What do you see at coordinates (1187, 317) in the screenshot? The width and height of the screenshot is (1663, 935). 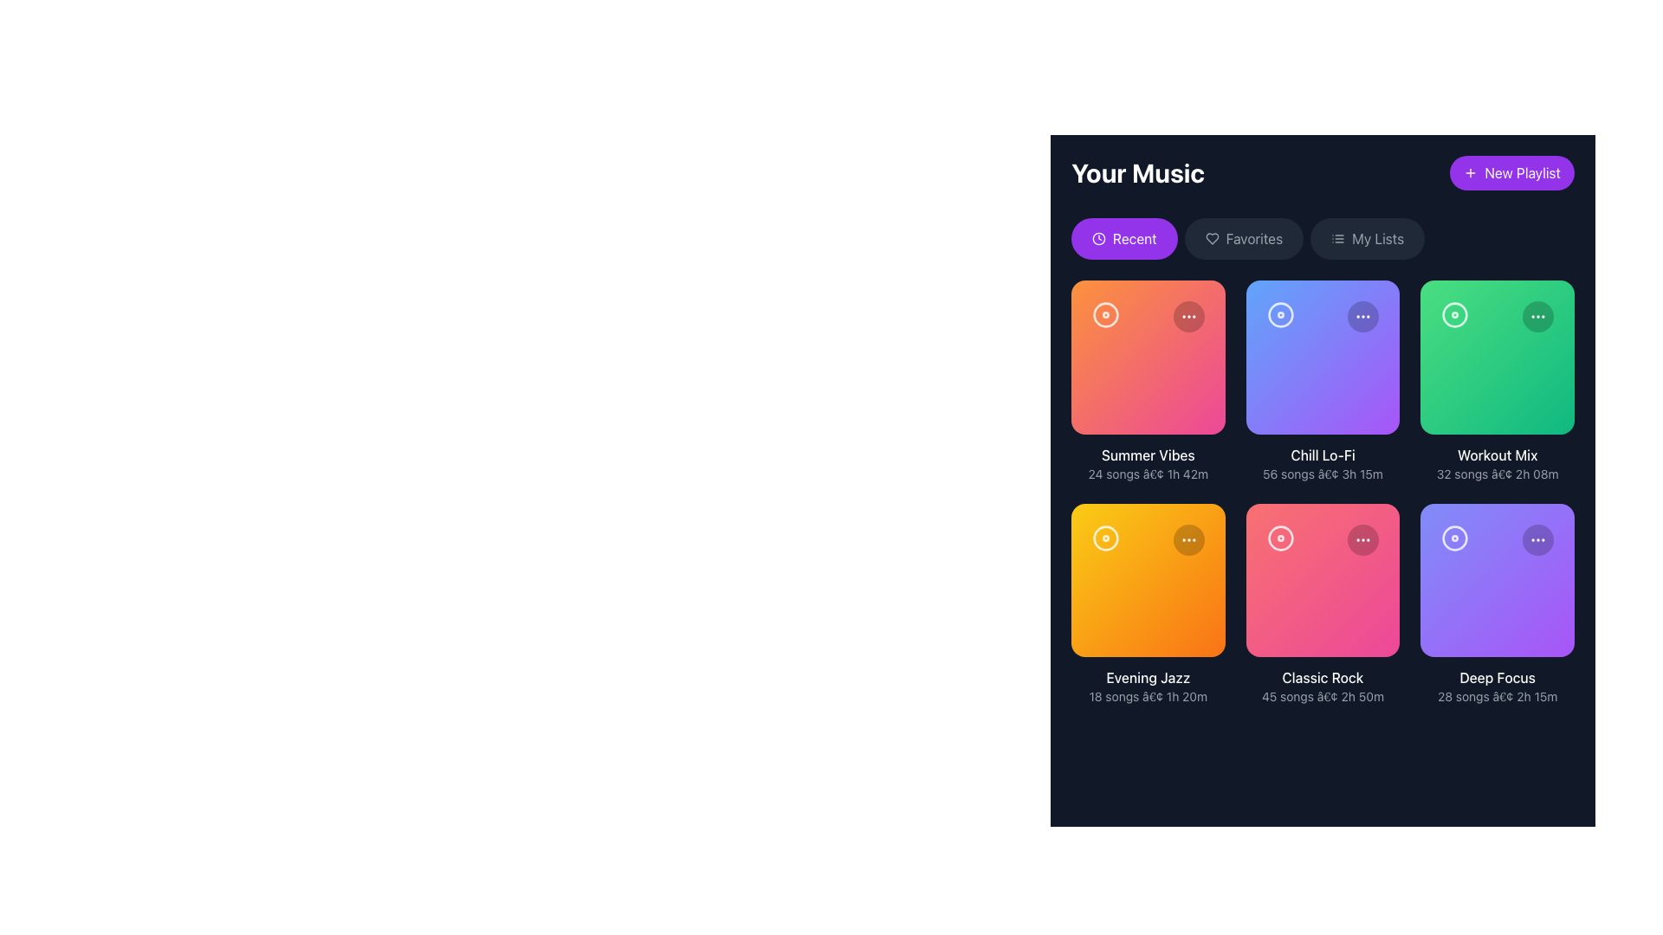 I see `the small circular button with three white dots in the top-right region of the 'Summer Vibes' card` at bounding box center [1187, 317].